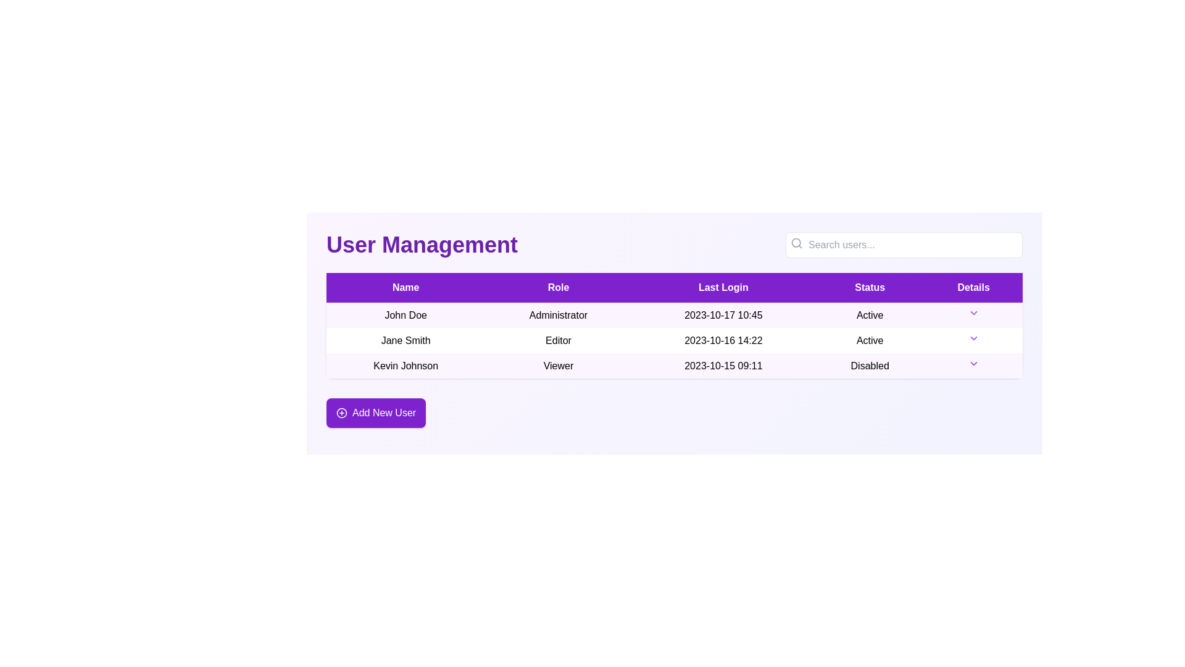  I want to click on the downward-facing chevron icon styled in purple color located in the Details column for the user 'Jane Smith', so click(973, 338).